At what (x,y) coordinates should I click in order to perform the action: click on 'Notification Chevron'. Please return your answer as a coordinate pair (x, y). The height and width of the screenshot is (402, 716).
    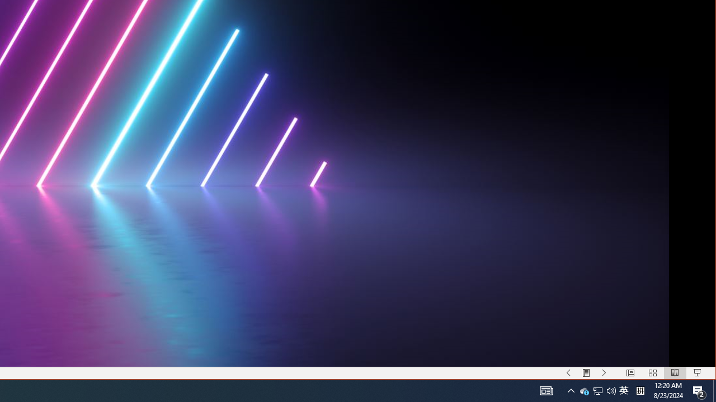
    Looking at the image, I should click on (571, 390).